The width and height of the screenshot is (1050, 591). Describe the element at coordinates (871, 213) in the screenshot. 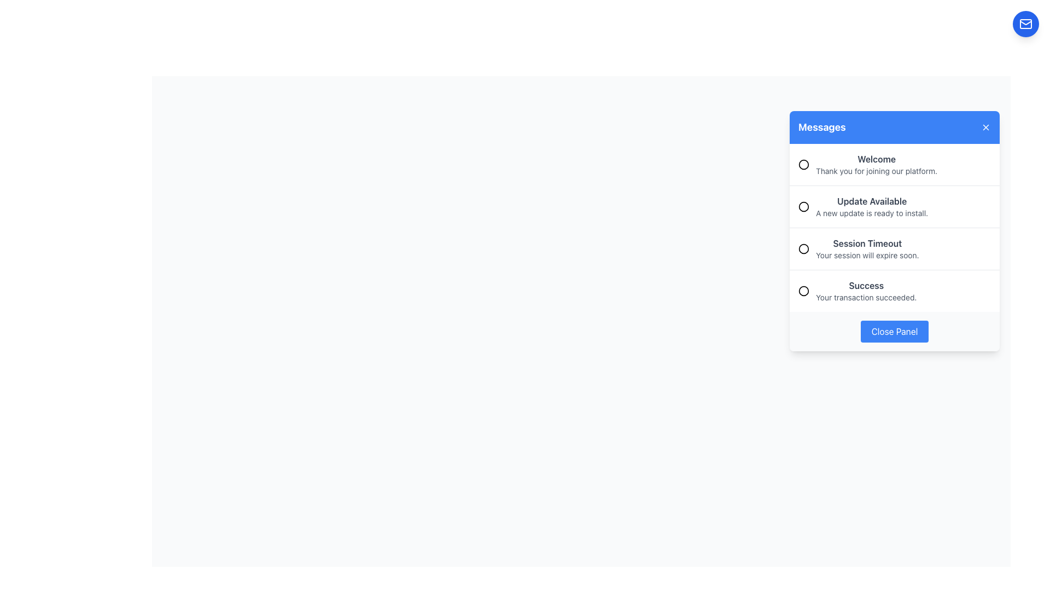

I see `message displayed in the text element located directly below the 'Update Available' heading in the message panel` at that location.